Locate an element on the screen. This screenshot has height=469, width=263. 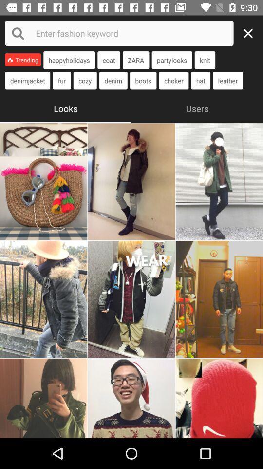
the close icon is located at coordinates (251, 33).